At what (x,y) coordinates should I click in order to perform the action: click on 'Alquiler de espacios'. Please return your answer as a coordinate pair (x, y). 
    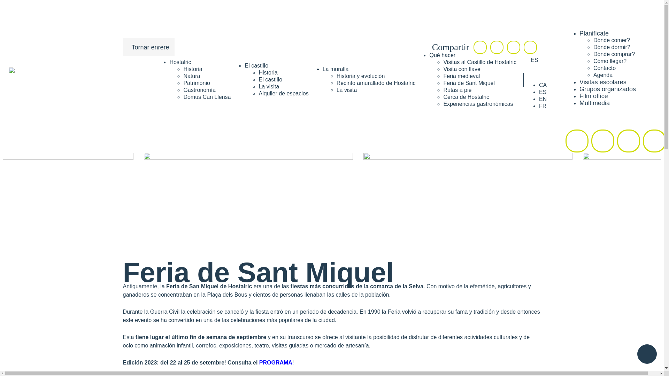
    Looking at the image, I should click on (258, 93).